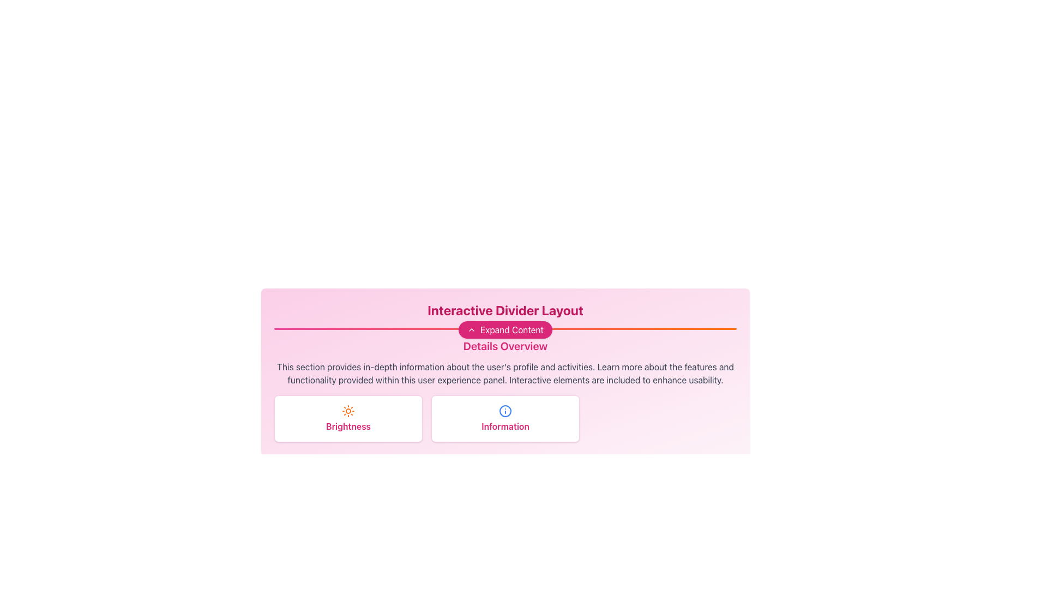  What do you see at coordinates (504, 411) in the screenshot?
I see `the circular element with a blue outline and white interior located within the 'Information' button, which is positioned on the right side of the 'Brightness' button` at bounding box center [504, 411].